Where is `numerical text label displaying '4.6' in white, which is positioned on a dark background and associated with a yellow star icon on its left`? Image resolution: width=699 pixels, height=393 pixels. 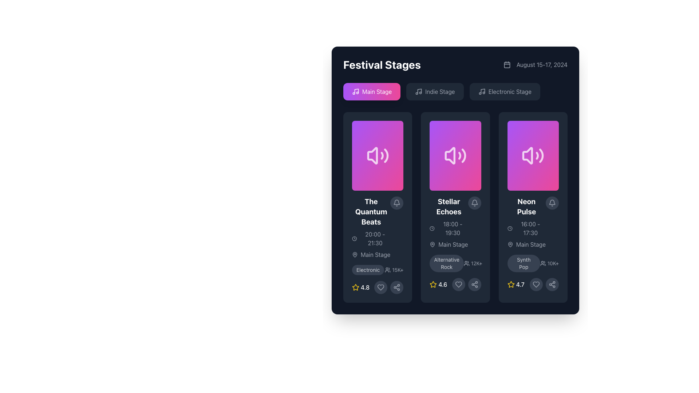
numerical text label displaying '4.6' in white, which is positioned on a dark background and associated with a yellow star icon on its left is located at coordinates (442, 284).